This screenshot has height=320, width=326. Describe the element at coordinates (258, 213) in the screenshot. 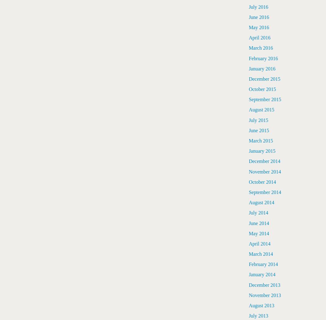

I see `'July 2014'` at that location.